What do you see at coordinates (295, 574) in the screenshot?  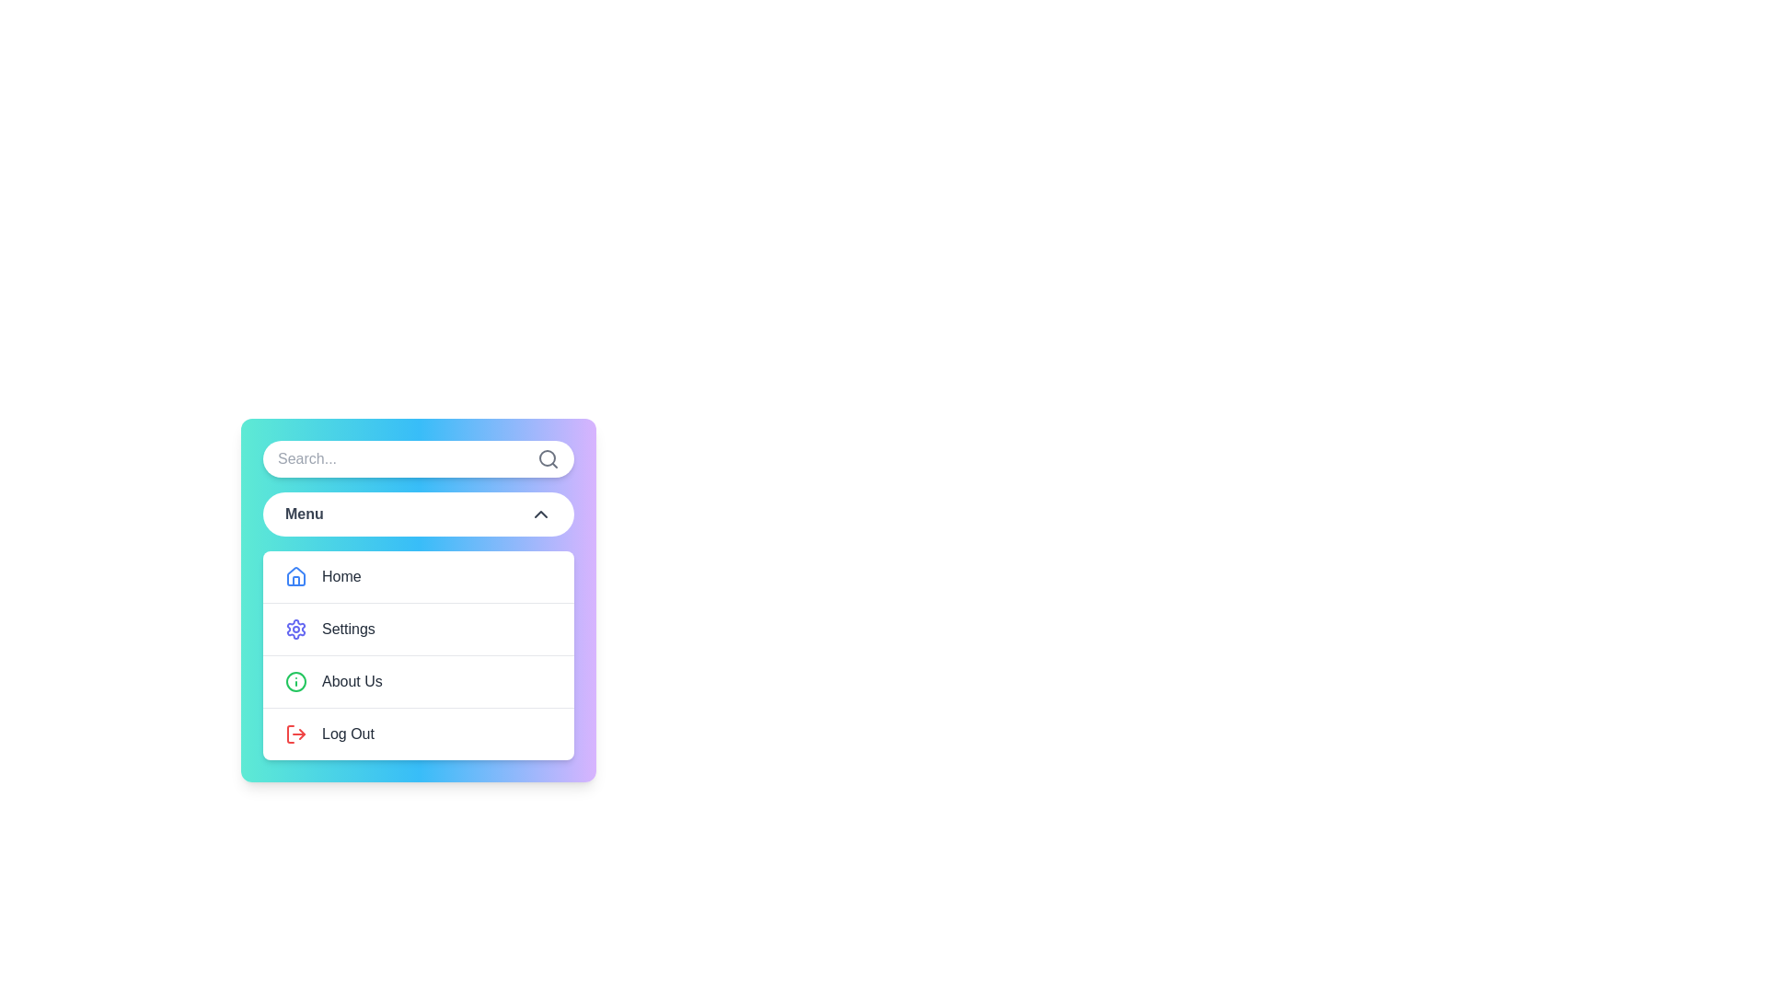 I see `the blue house icon located to the left of the 'Home' menu item in the vertical list of menu options` at bounding box center [295, 574].